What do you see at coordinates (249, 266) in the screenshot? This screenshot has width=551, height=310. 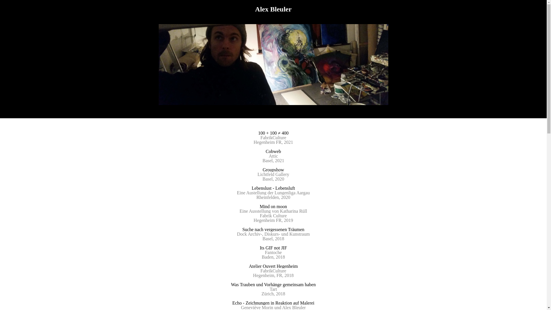 I see `'Atelier Ouvert Hegenheim'` at bounding box center [249, 266].